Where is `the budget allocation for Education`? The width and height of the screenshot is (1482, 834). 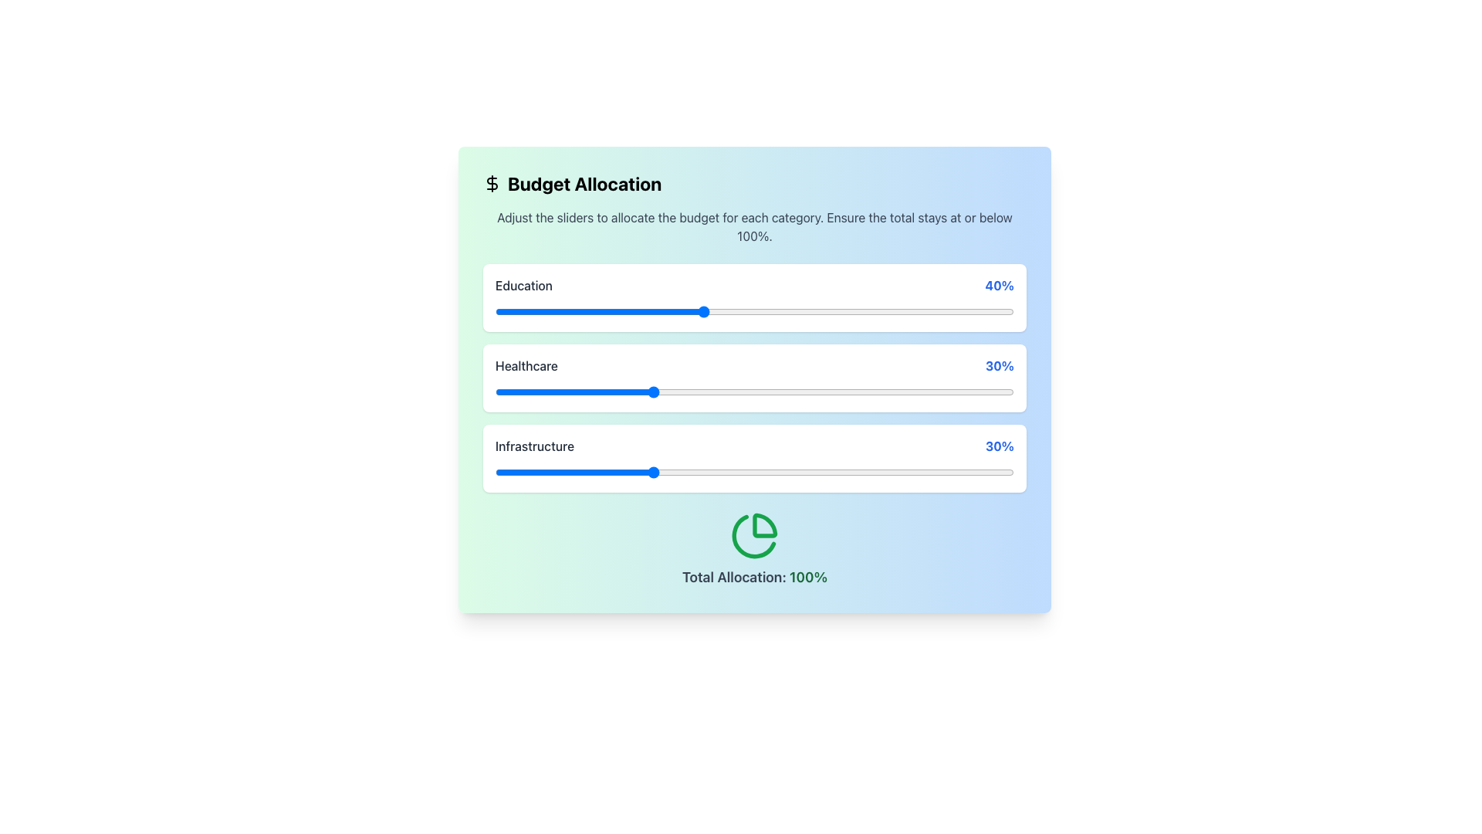 the budget allocation for Education is located at coordinates (572, 312).